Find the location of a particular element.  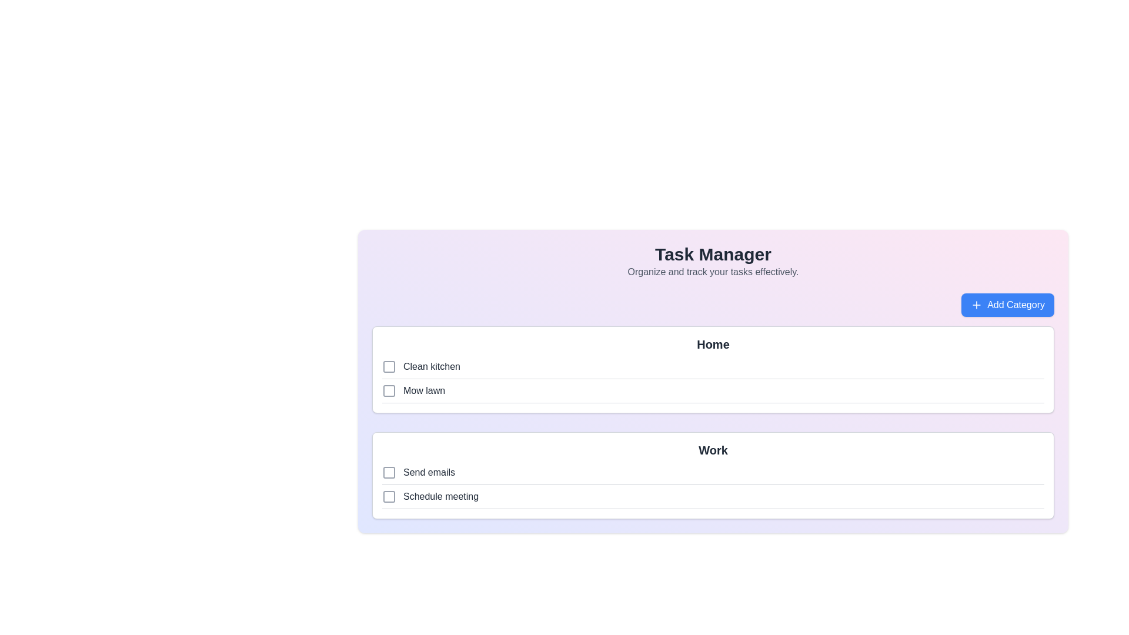

the 'Clean kitchen' label in the Home section to focus on it is located at coordinates (431, 366).